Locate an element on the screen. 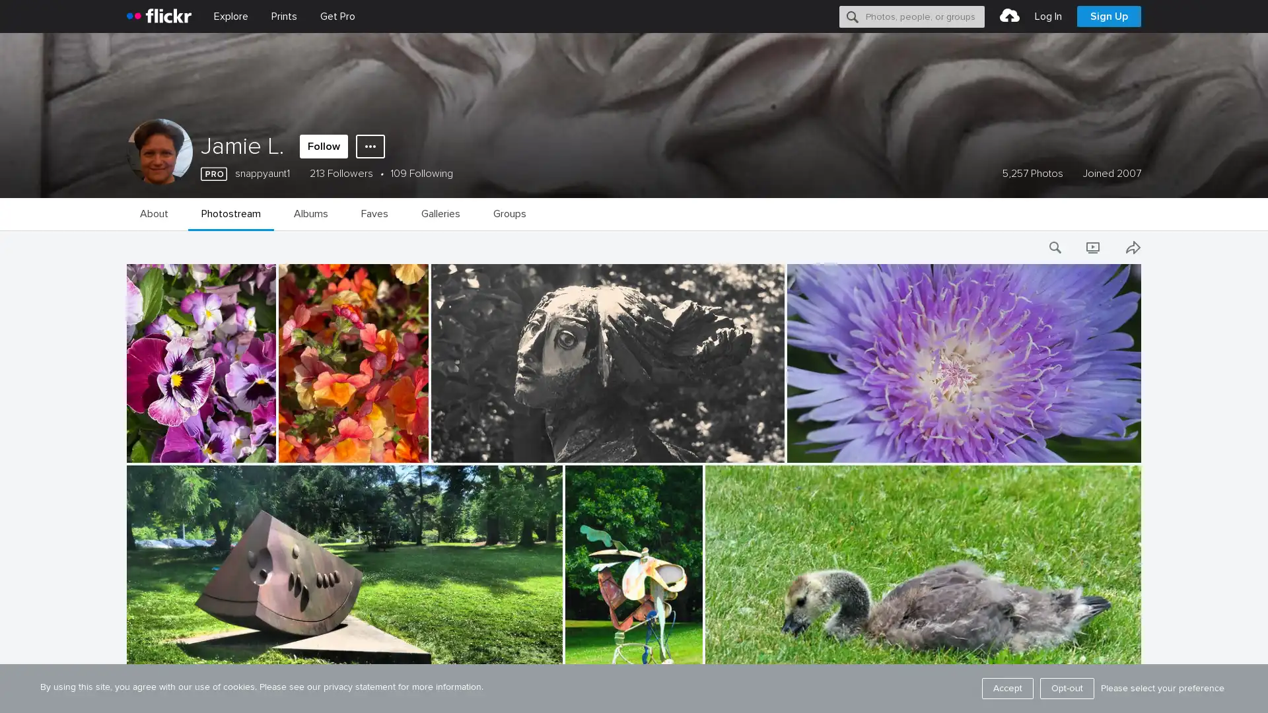 Image resolution: width=1268 pixels, height=713 pixels. Add to Favorites is located at coordinates (752, 450).